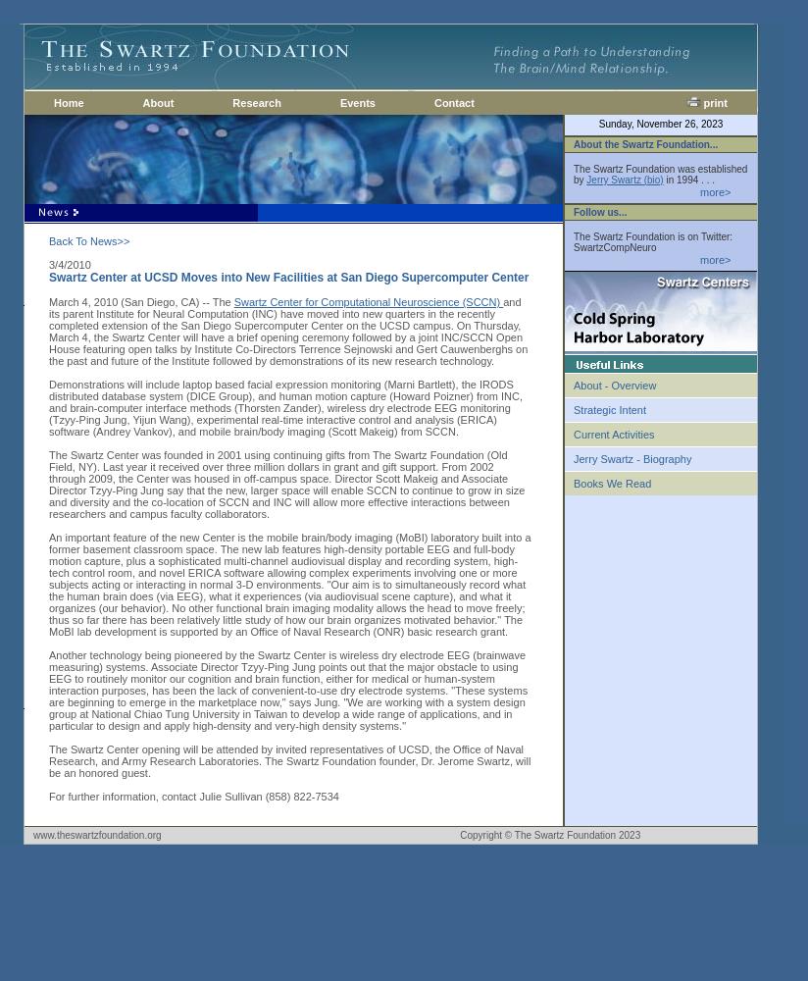  What do you see at coordinates (69, 265) in the screenshot?
I see `'3/4/2010'` at bounding box center [69, 265].